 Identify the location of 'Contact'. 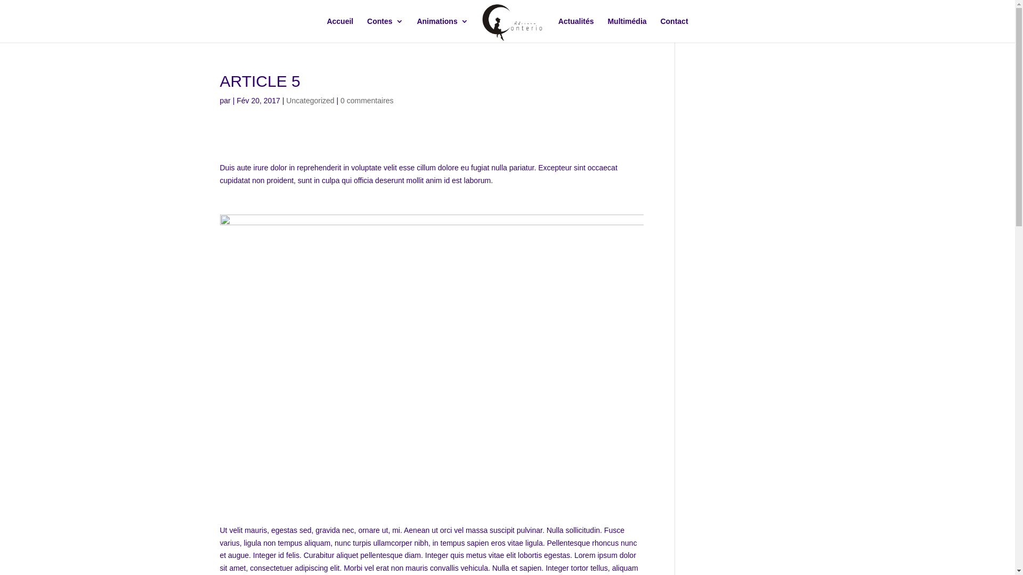
(673, 29).